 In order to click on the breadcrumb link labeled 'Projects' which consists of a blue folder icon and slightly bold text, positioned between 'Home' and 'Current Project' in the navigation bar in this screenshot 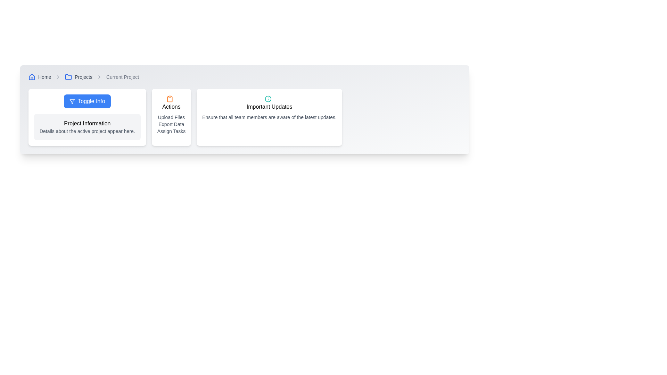, I will do `click(79, 77)`.